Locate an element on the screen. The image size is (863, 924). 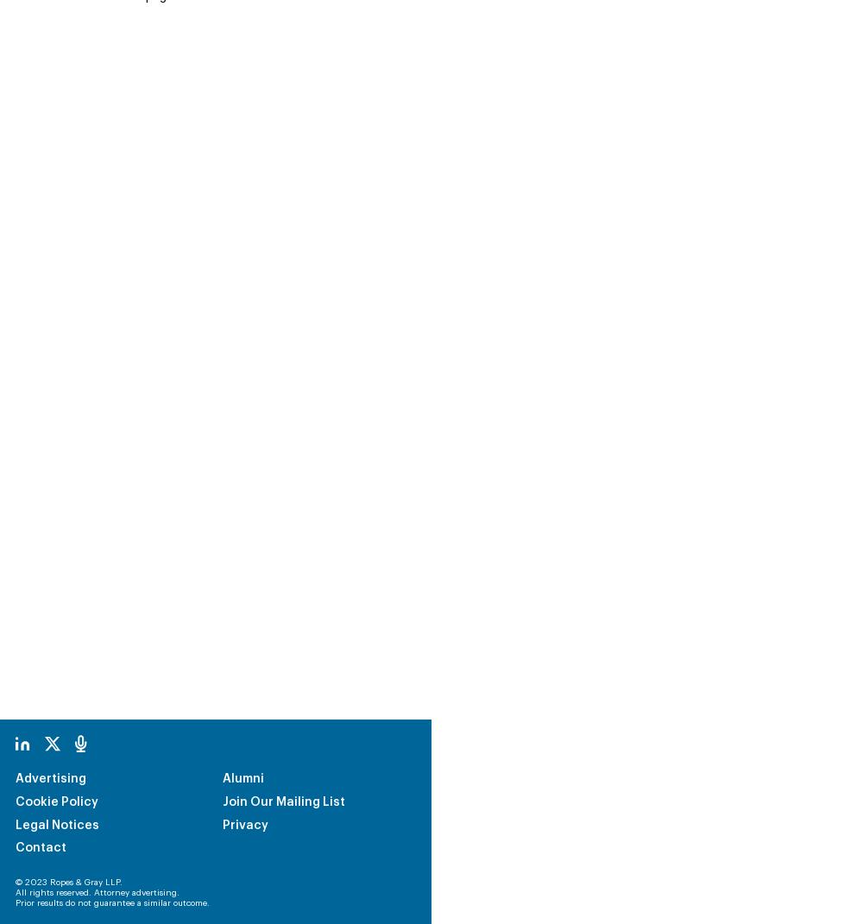
'Contact' is located at coordinates (16, 732).